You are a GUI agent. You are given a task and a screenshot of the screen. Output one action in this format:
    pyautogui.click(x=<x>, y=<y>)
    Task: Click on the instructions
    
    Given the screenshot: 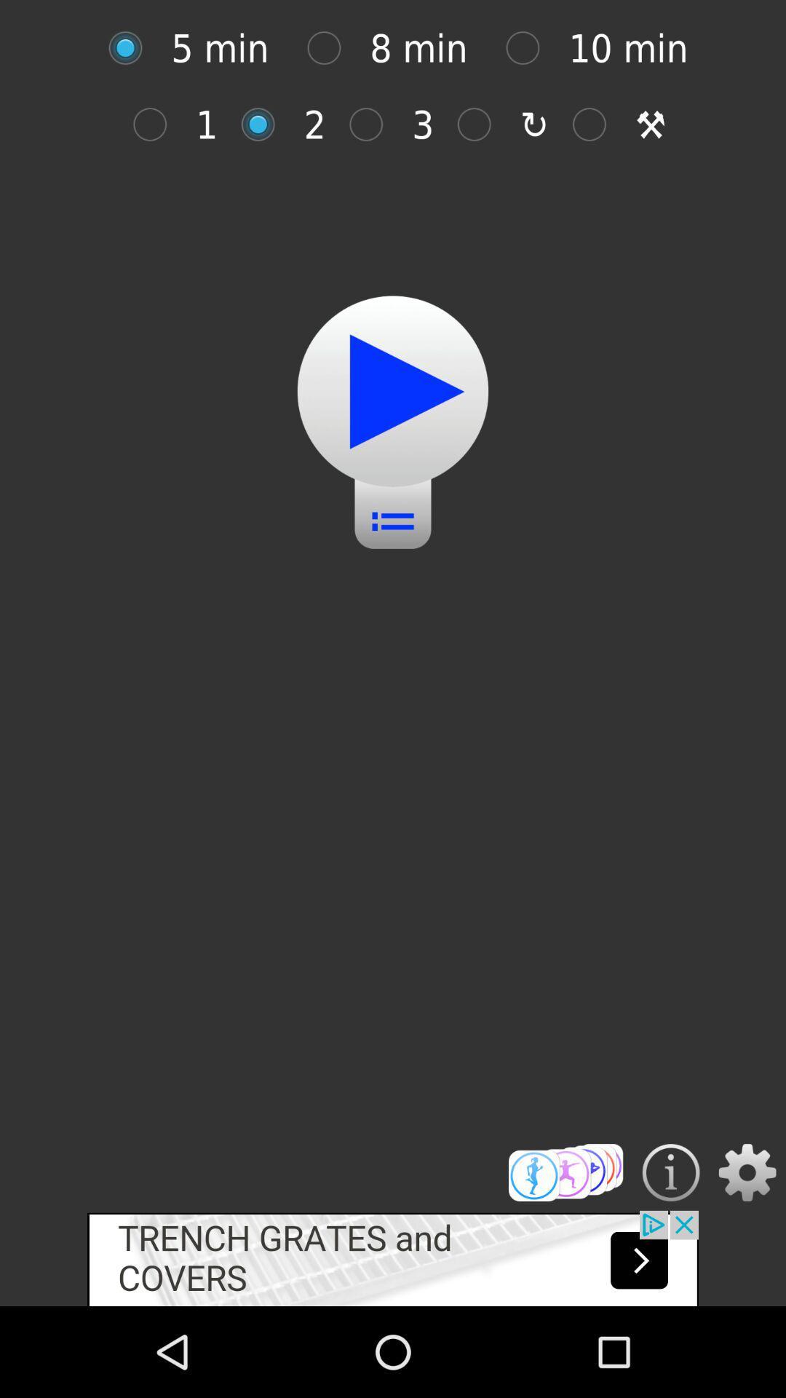 What is the action you would take?
    pyautogui.click(x=671, y=1172)
    